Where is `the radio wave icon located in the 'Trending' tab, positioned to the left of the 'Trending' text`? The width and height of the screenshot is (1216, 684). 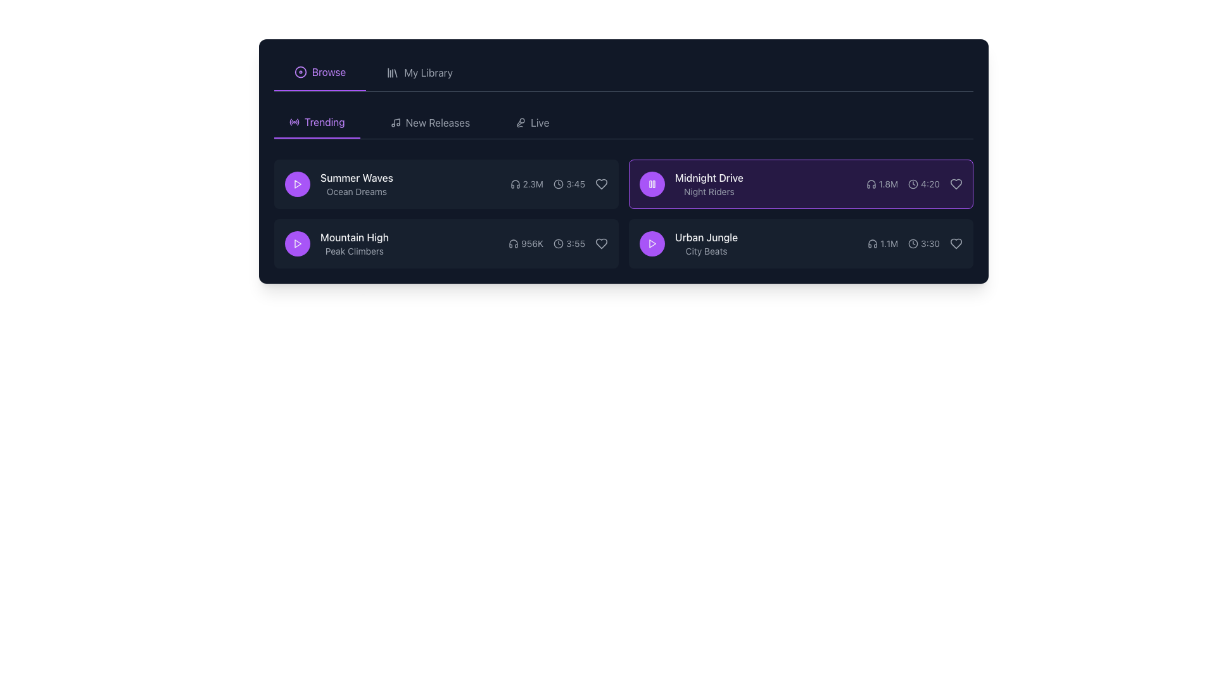
the radio wave icon located in the 'Trending' tab, positioned to the left of the 'Trending' text is located at coordinates (294, 122).